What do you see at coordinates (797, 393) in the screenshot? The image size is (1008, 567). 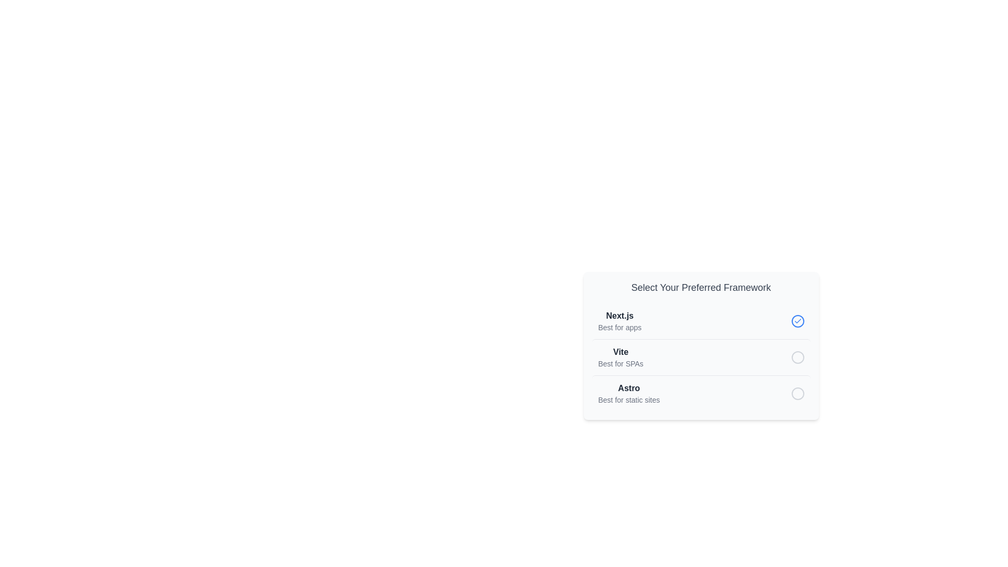 I see `the circular radio button with a gray border located to the far right of the list entry labeled 'Astro' and 'Best for static sites'` at bounding box center [797, 393].